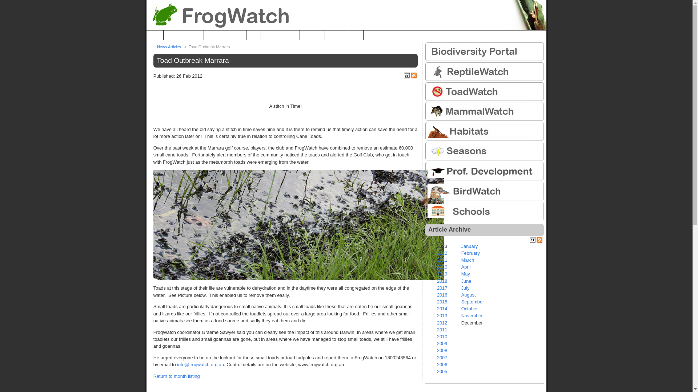  What do you see at coordinates (441, 302) in the screenshot?
I see `'2015'` at bounding box center [441, 302].